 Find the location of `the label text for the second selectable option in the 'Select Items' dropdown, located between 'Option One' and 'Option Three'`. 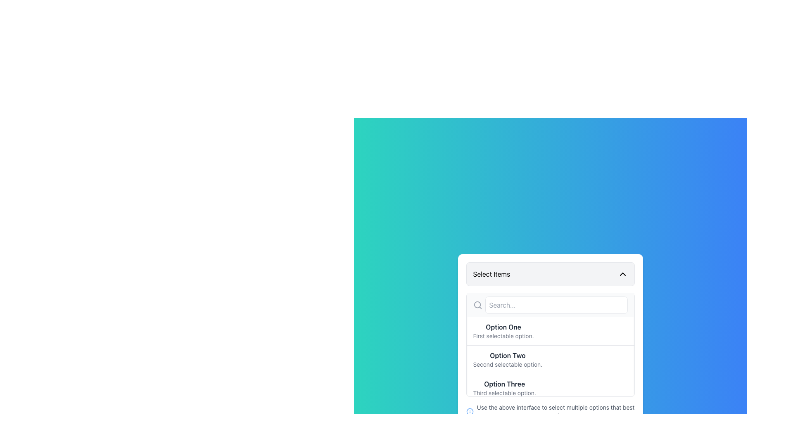

the label text for the second selectable option in the 'Select Items' dropdown, located between 'Option One' and 'Option Three' is located at coordinates (507, 355).